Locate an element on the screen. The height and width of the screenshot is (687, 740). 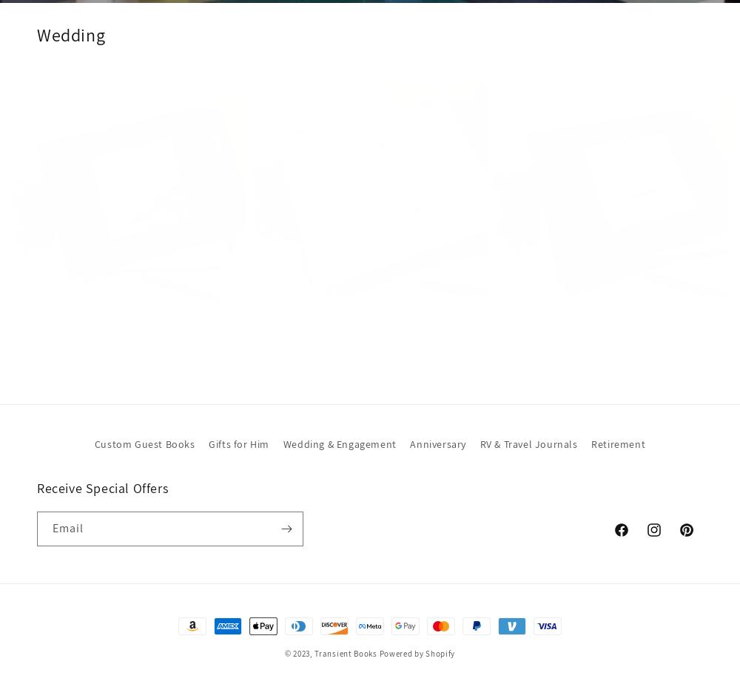
'Gifts for Him' is located at coordinates (238, 443).